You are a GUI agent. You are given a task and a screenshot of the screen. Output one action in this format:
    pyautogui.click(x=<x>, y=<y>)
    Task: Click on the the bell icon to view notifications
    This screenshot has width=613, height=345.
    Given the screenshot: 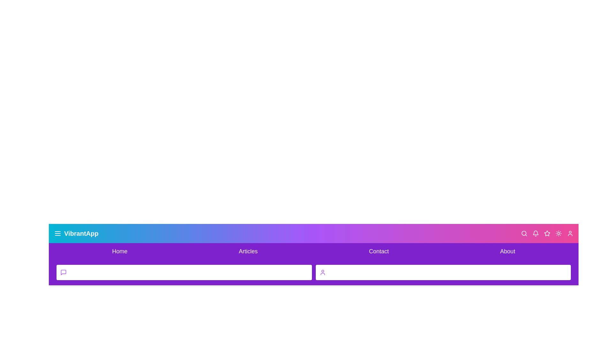 What is the action you would take?
    pyautogui.click(x=536, y=234)
    